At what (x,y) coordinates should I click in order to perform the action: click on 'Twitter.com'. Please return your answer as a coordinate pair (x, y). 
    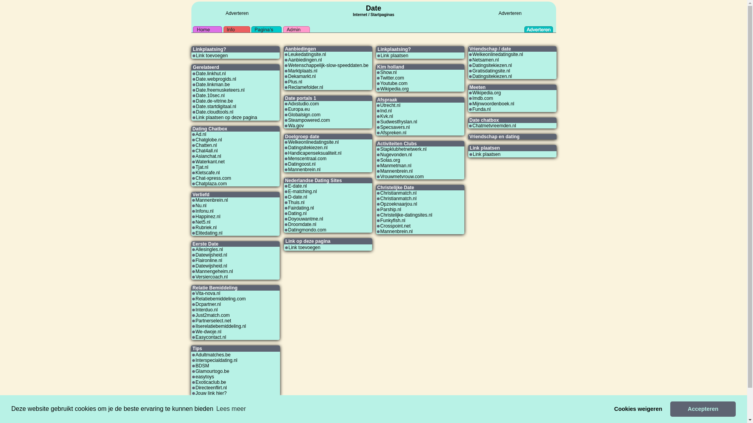
    Looking at the image, I should click on (392, 78).